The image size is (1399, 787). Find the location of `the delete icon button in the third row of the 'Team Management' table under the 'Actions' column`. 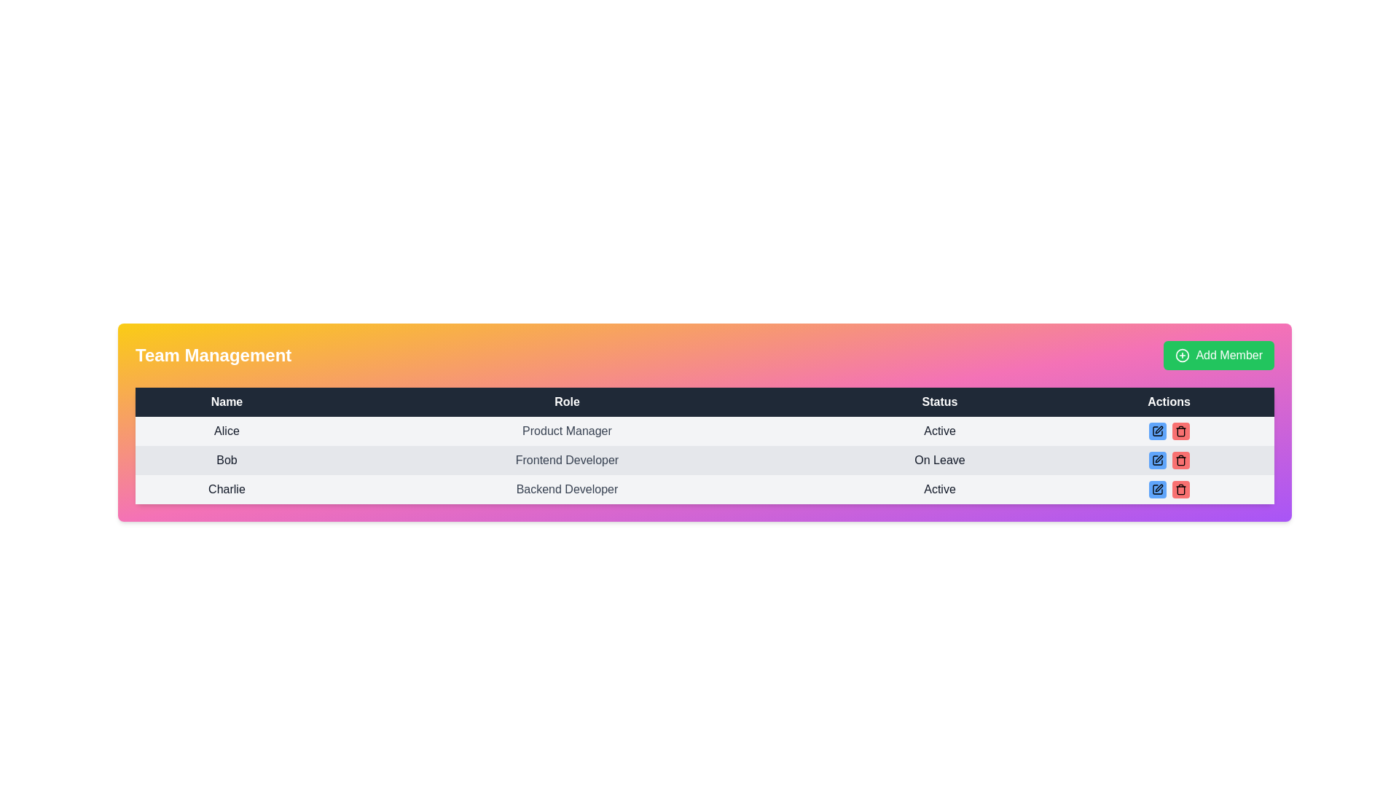

the delete icon button in the third row of the 'Team Management' table under the 'Actions' column is located at coordinates (1180, 461).